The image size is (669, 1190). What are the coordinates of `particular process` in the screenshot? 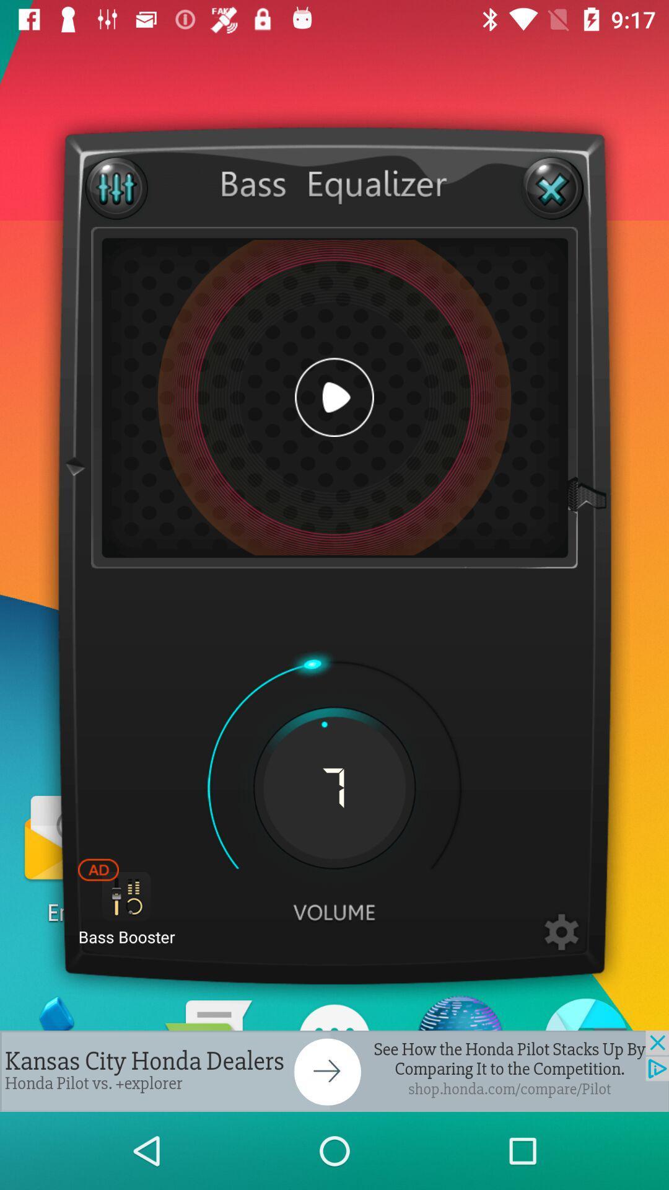 It's located at (561, 933).